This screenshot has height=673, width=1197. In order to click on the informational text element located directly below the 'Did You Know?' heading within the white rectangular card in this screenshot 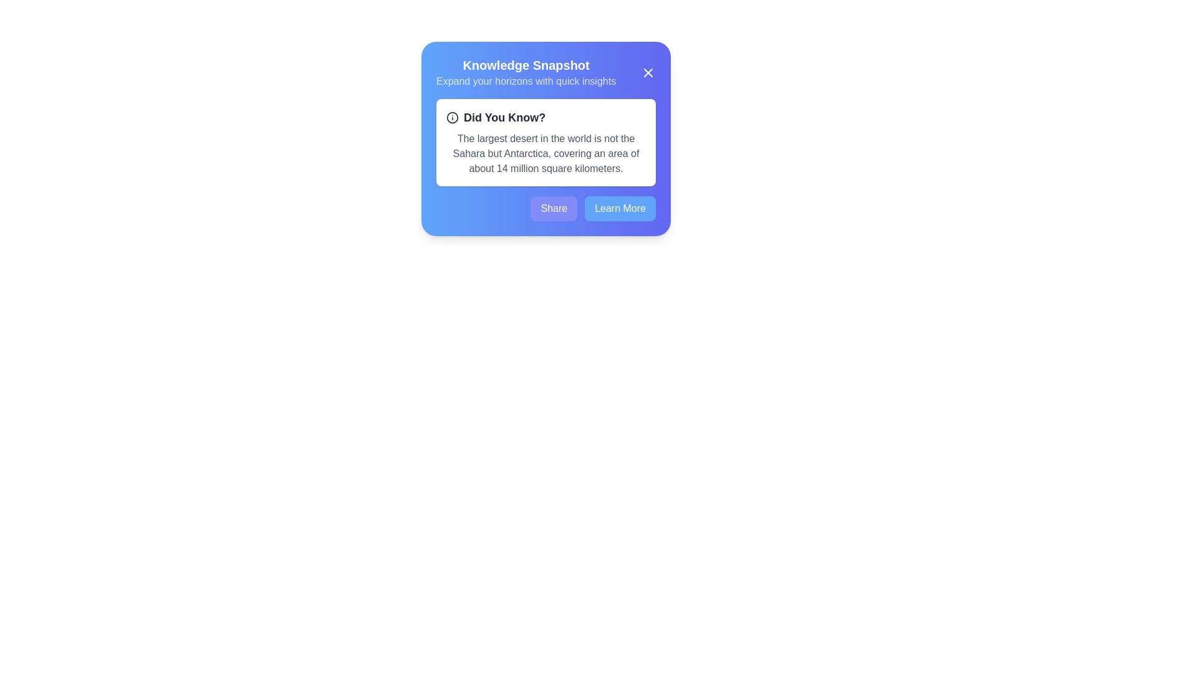, I will do `click(546, 153)`.